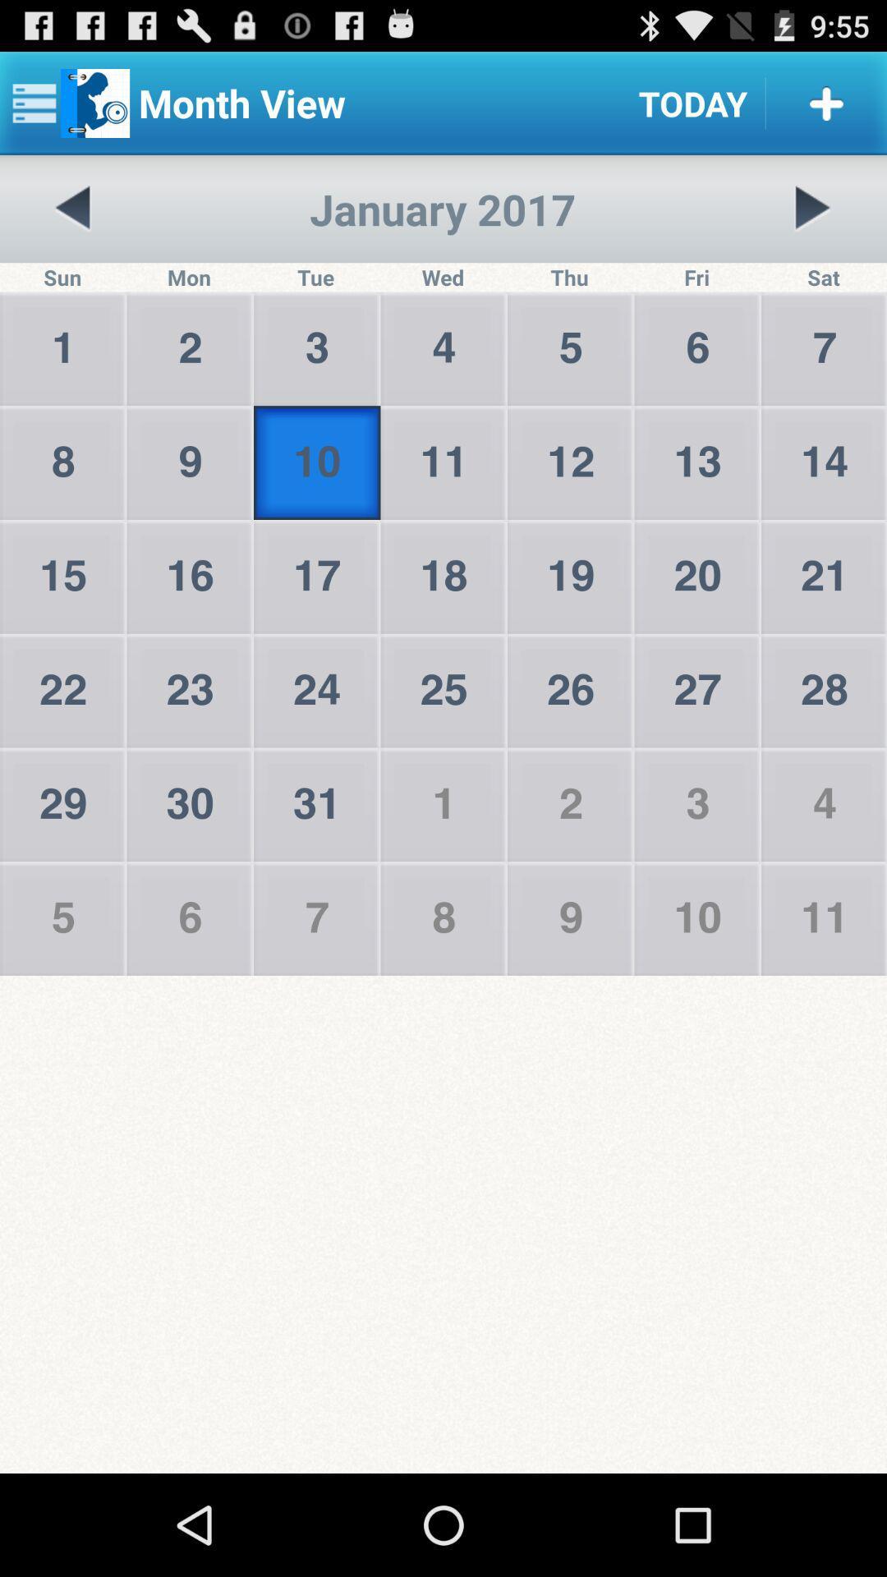  What do you see at coordinates (72, 208) in the screenshot?
I see `previous month` at bounding box center [72, 208].